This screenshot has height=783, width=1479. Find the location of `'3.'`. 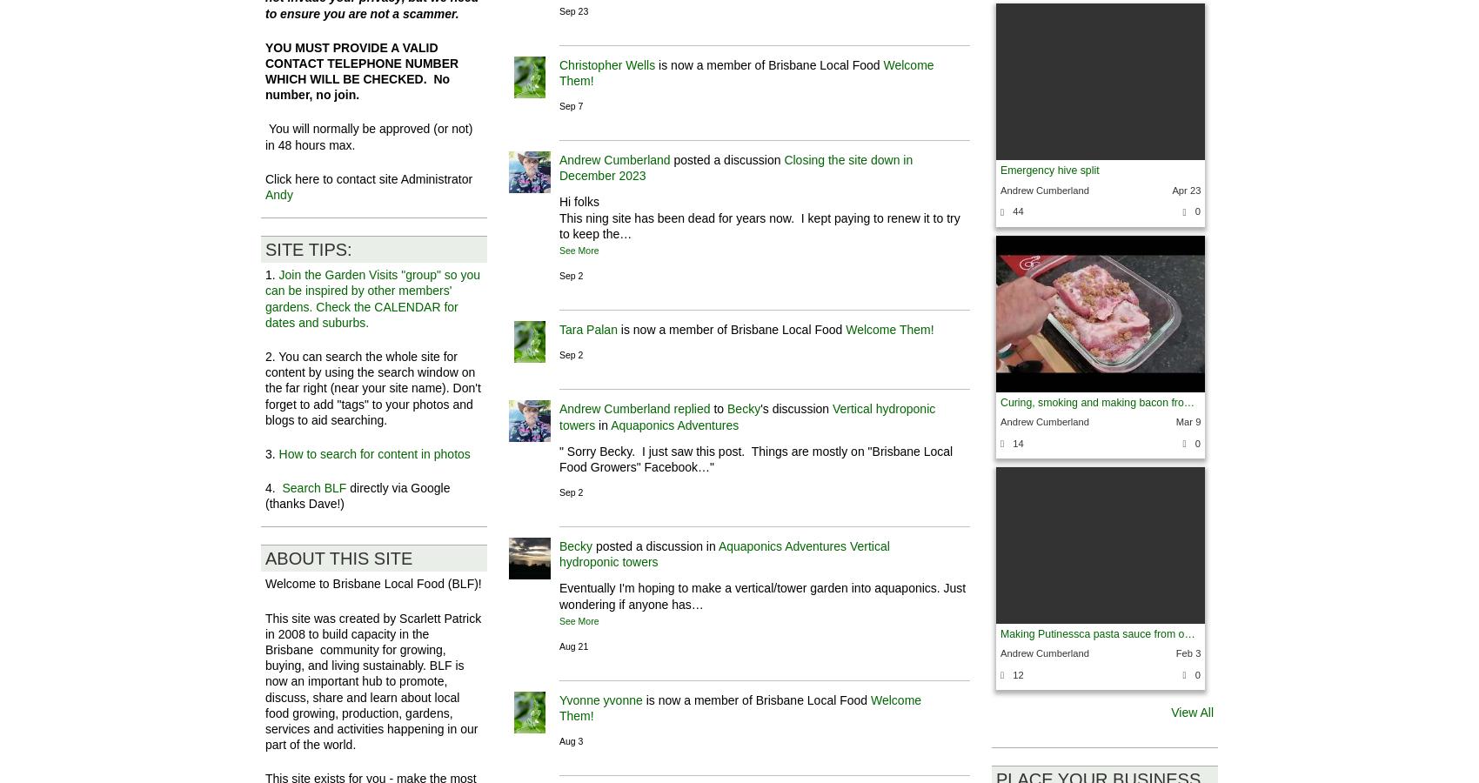

'3.' is located at coordinates (264, 452).